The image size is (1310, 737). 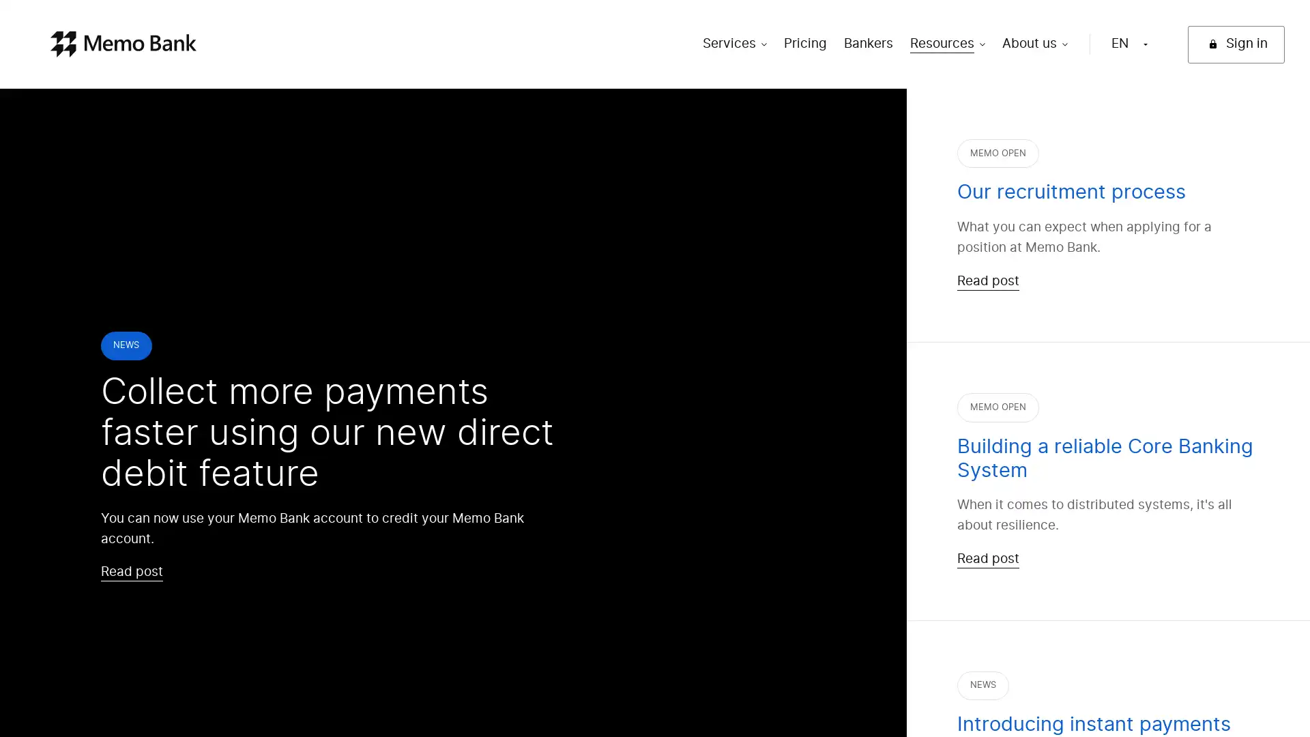 What do you see at coordinates (1034, 44) in the screenshot?
I see `About us` at bounding box center [1034, 44].